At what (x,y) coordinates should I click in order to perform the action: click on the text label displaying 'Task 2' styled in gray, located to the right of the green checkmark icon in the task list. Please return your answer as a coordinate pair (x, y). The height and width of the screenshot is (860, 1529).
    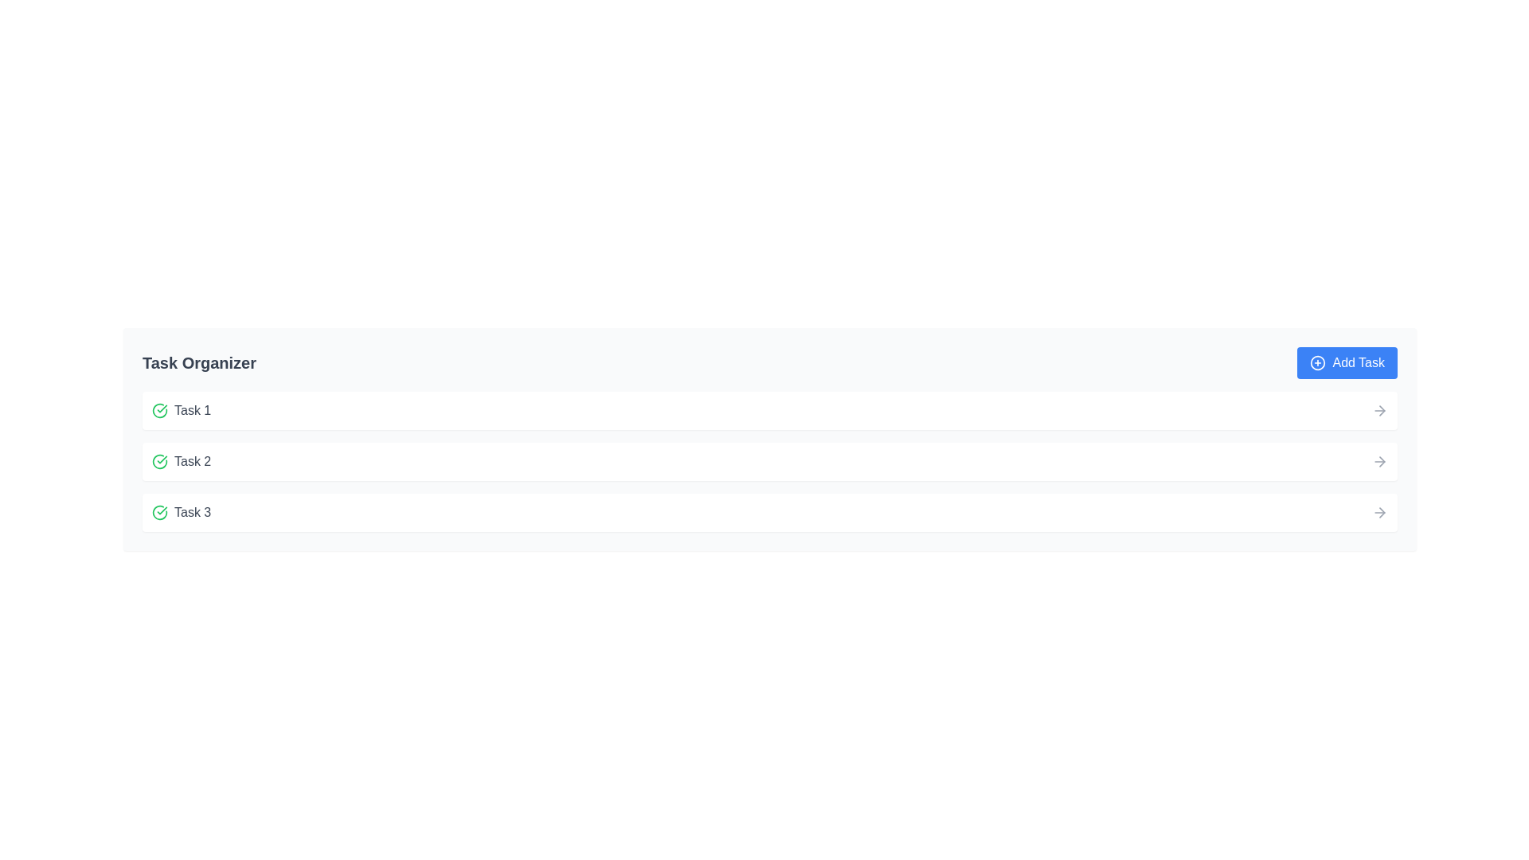
    Looking at the image, I should click on (192, 461).